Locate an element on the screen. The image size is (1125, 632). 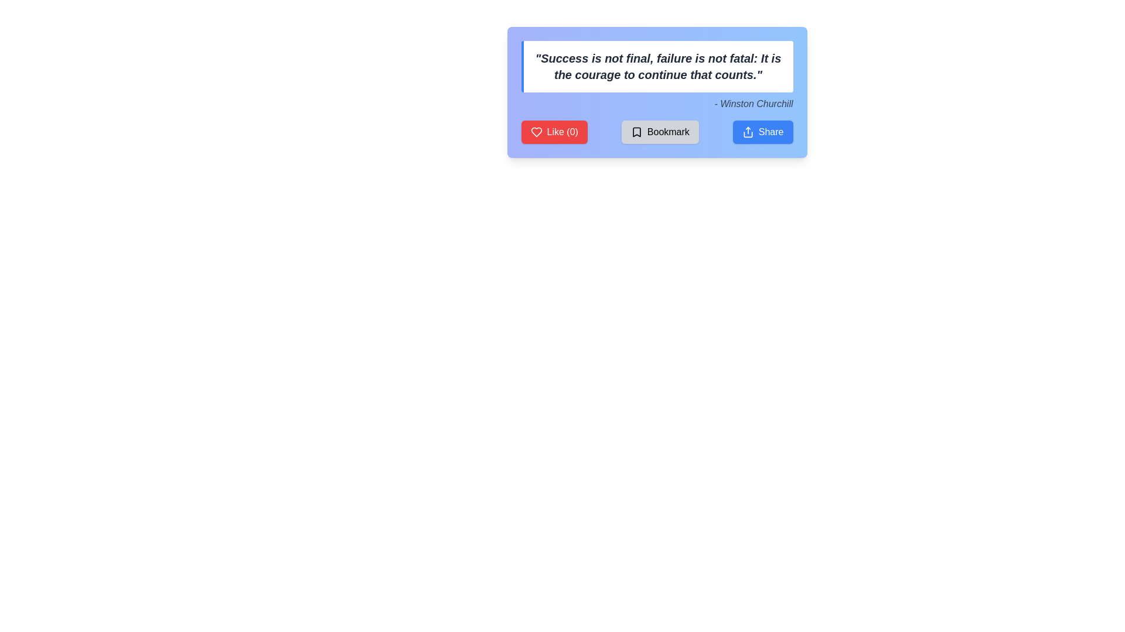
the 'Like' icon located next to the text 'Like (0)' is located at coordinates (536, 132).